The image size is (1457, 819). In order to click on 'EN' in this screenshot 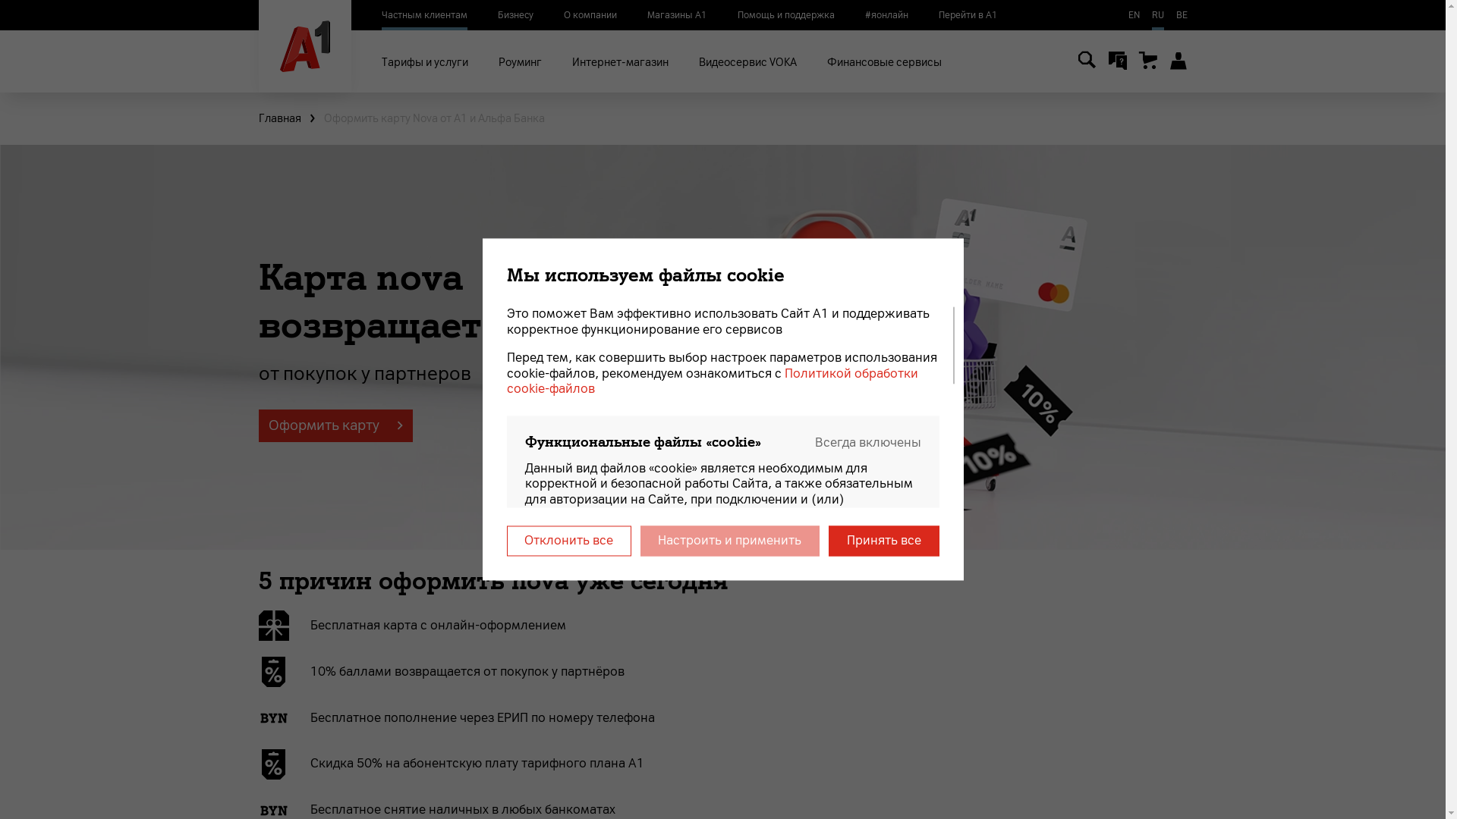, I will do `click(1133, 14)`.